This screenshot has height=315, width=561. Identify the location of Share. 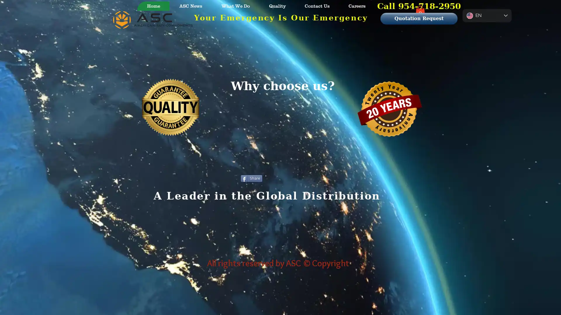
(251, 178).